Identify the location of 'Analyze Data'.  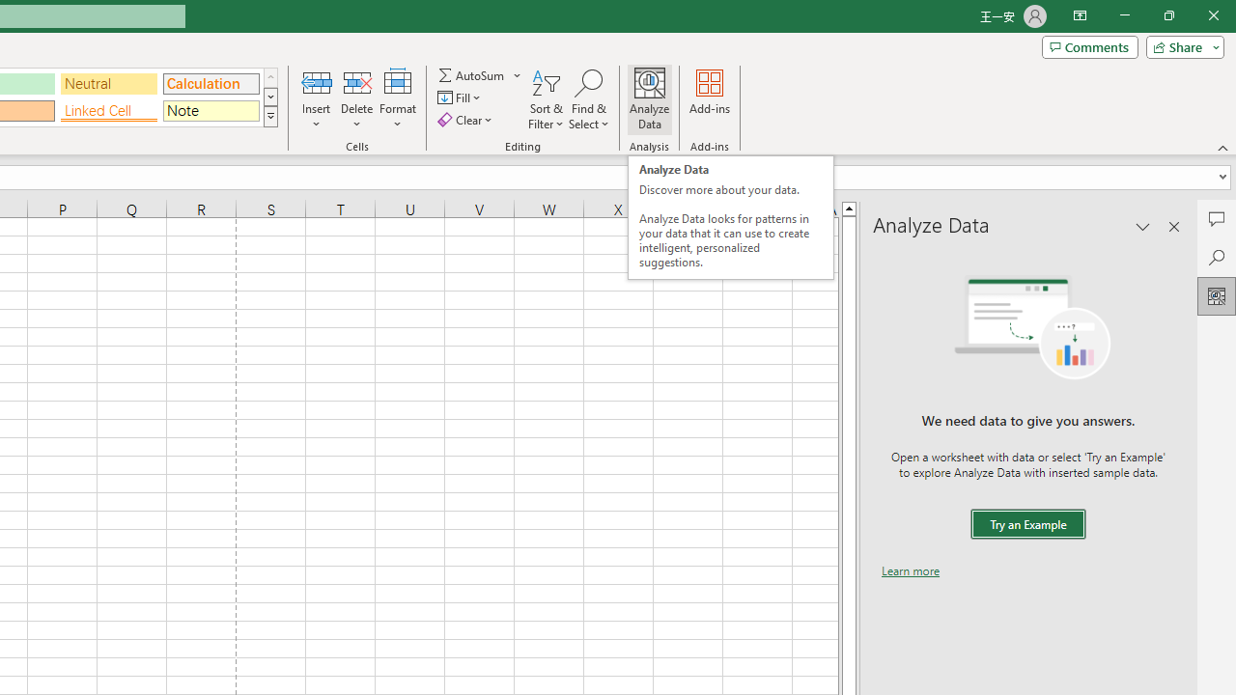
(650, 99).